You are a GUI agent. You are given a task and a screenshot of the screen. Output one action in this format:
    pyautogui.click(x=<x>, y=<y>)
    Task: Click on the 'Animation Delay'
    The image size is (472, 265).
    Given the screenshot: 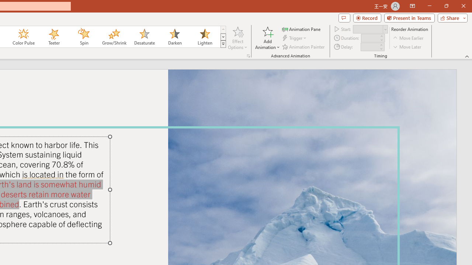 What is the action you would take?
    pyautogui.click(x=369, y=47)
    